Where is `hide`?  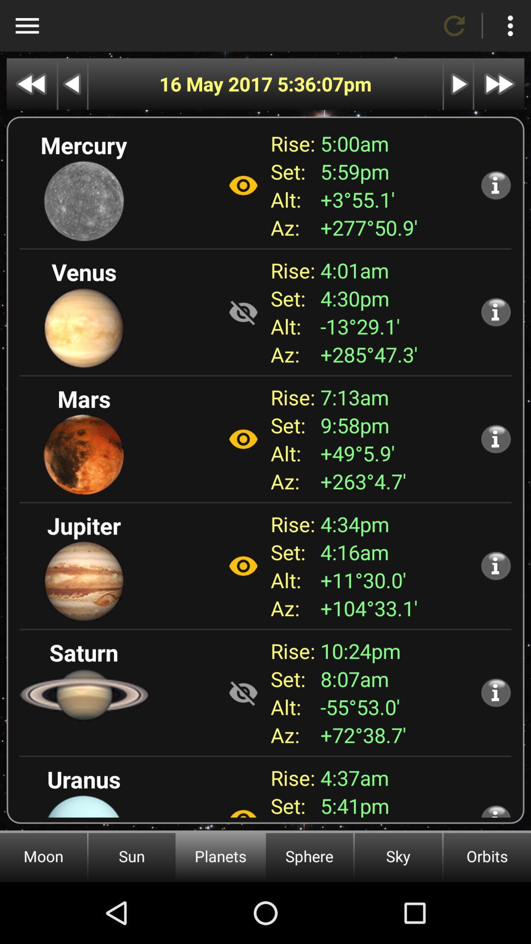 hide is located at coordinates (243, 808).